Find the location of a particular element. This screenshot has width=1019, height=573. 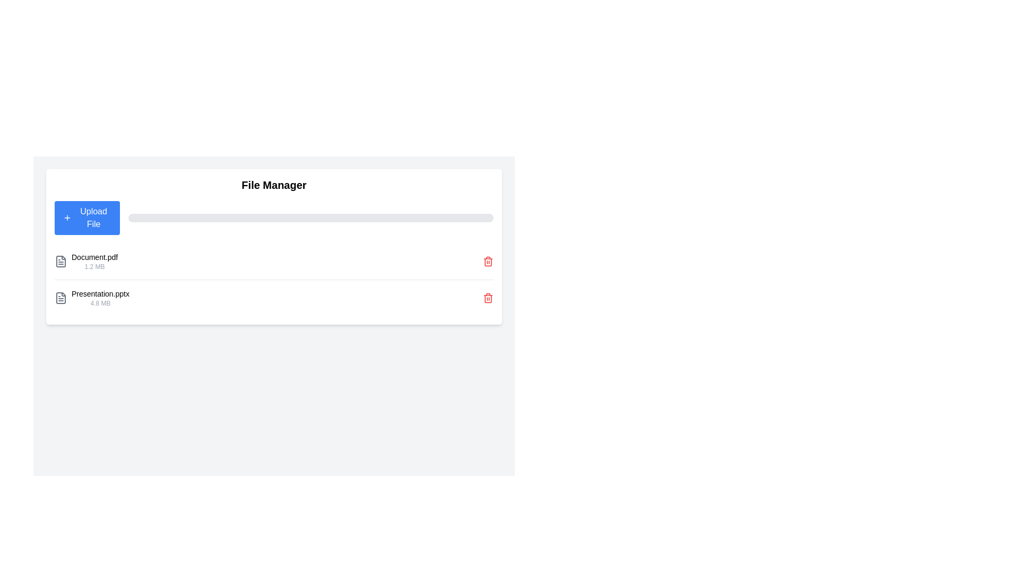

the red trashcan icon button located to the far right of the file list entry for 'Presentation.pptx' is located at coordinates (488, 298).